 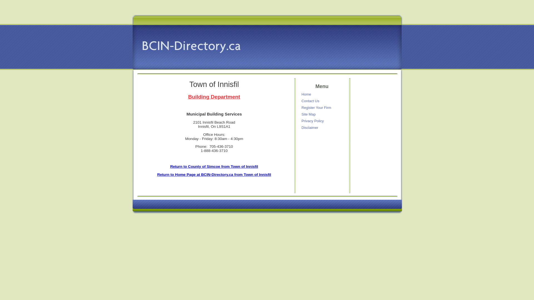 I want to click on 'Privacy Policy', so click(x=323, y=121).